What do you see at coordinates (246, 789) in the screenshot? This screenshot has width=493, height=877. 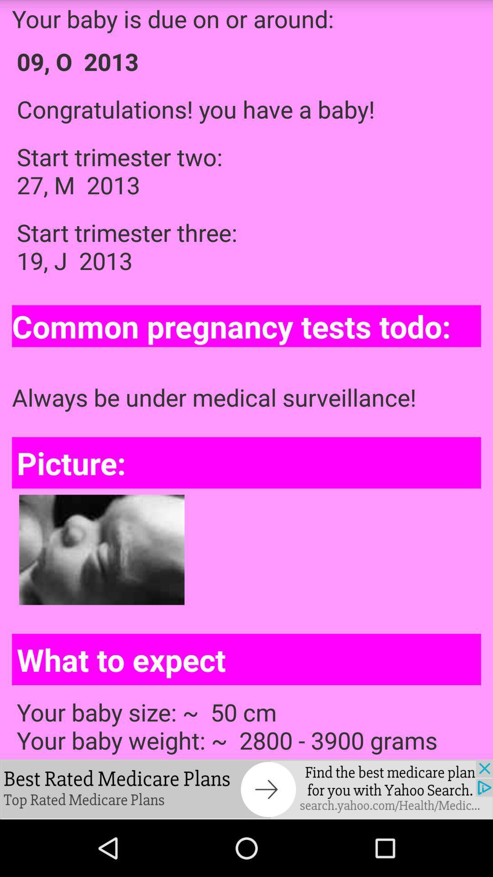 I see `notifications` at bounding box center [246, 789].